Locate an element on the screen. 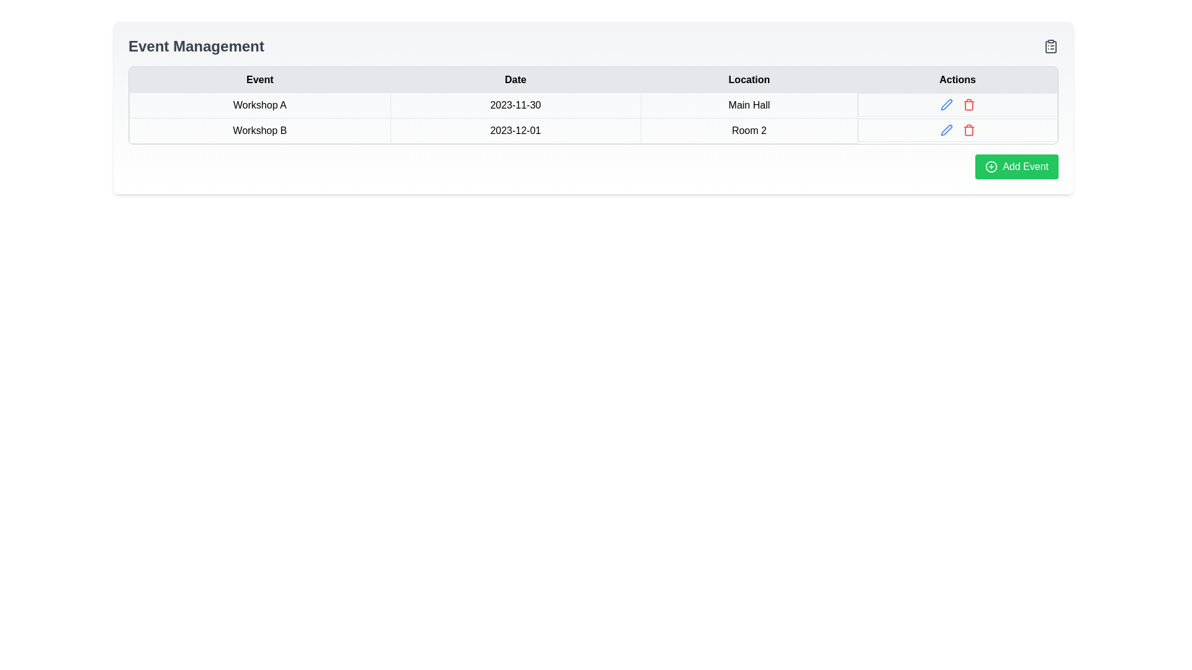 The height and width of the screenshot is (670, 1192). the first event row is located at coordinates (592, 117).